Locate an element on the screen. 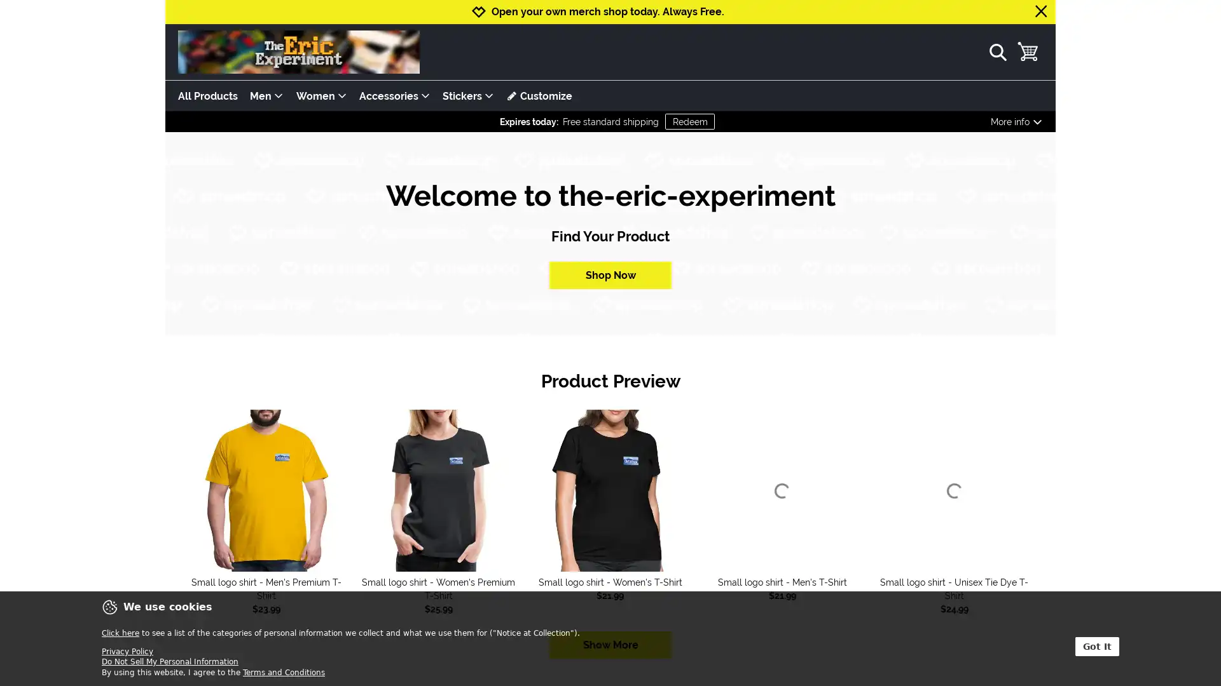 This screenshot has width=1221, height=686. Shop Now is located at coordinates (610, 274).